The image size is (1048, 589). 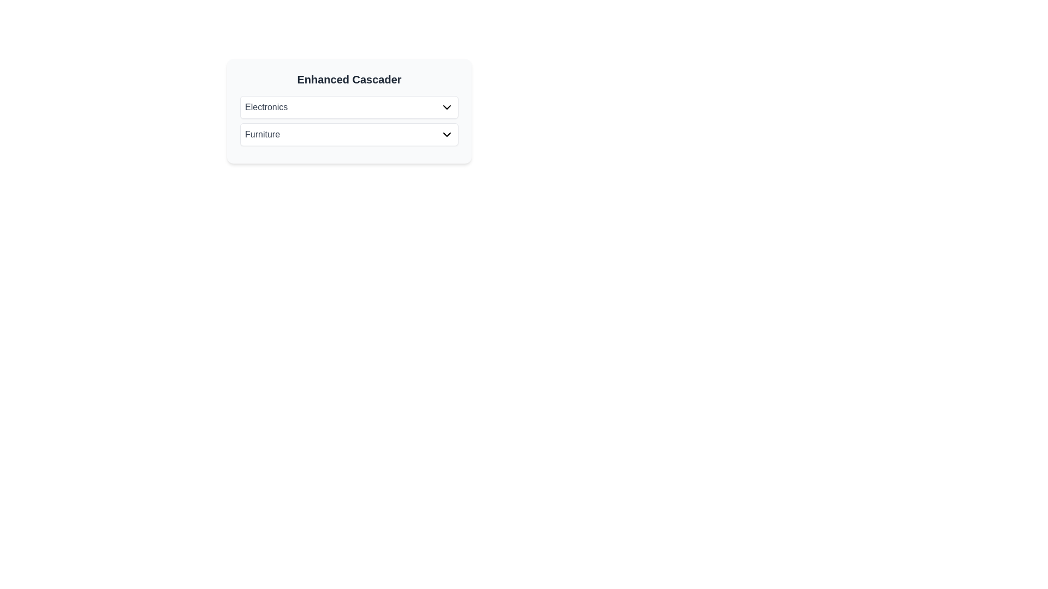 What do you see at coordinates (447, 134) in the screenshot?
I see `the chevron-down SVG icon` at bounding box center [447, 134].